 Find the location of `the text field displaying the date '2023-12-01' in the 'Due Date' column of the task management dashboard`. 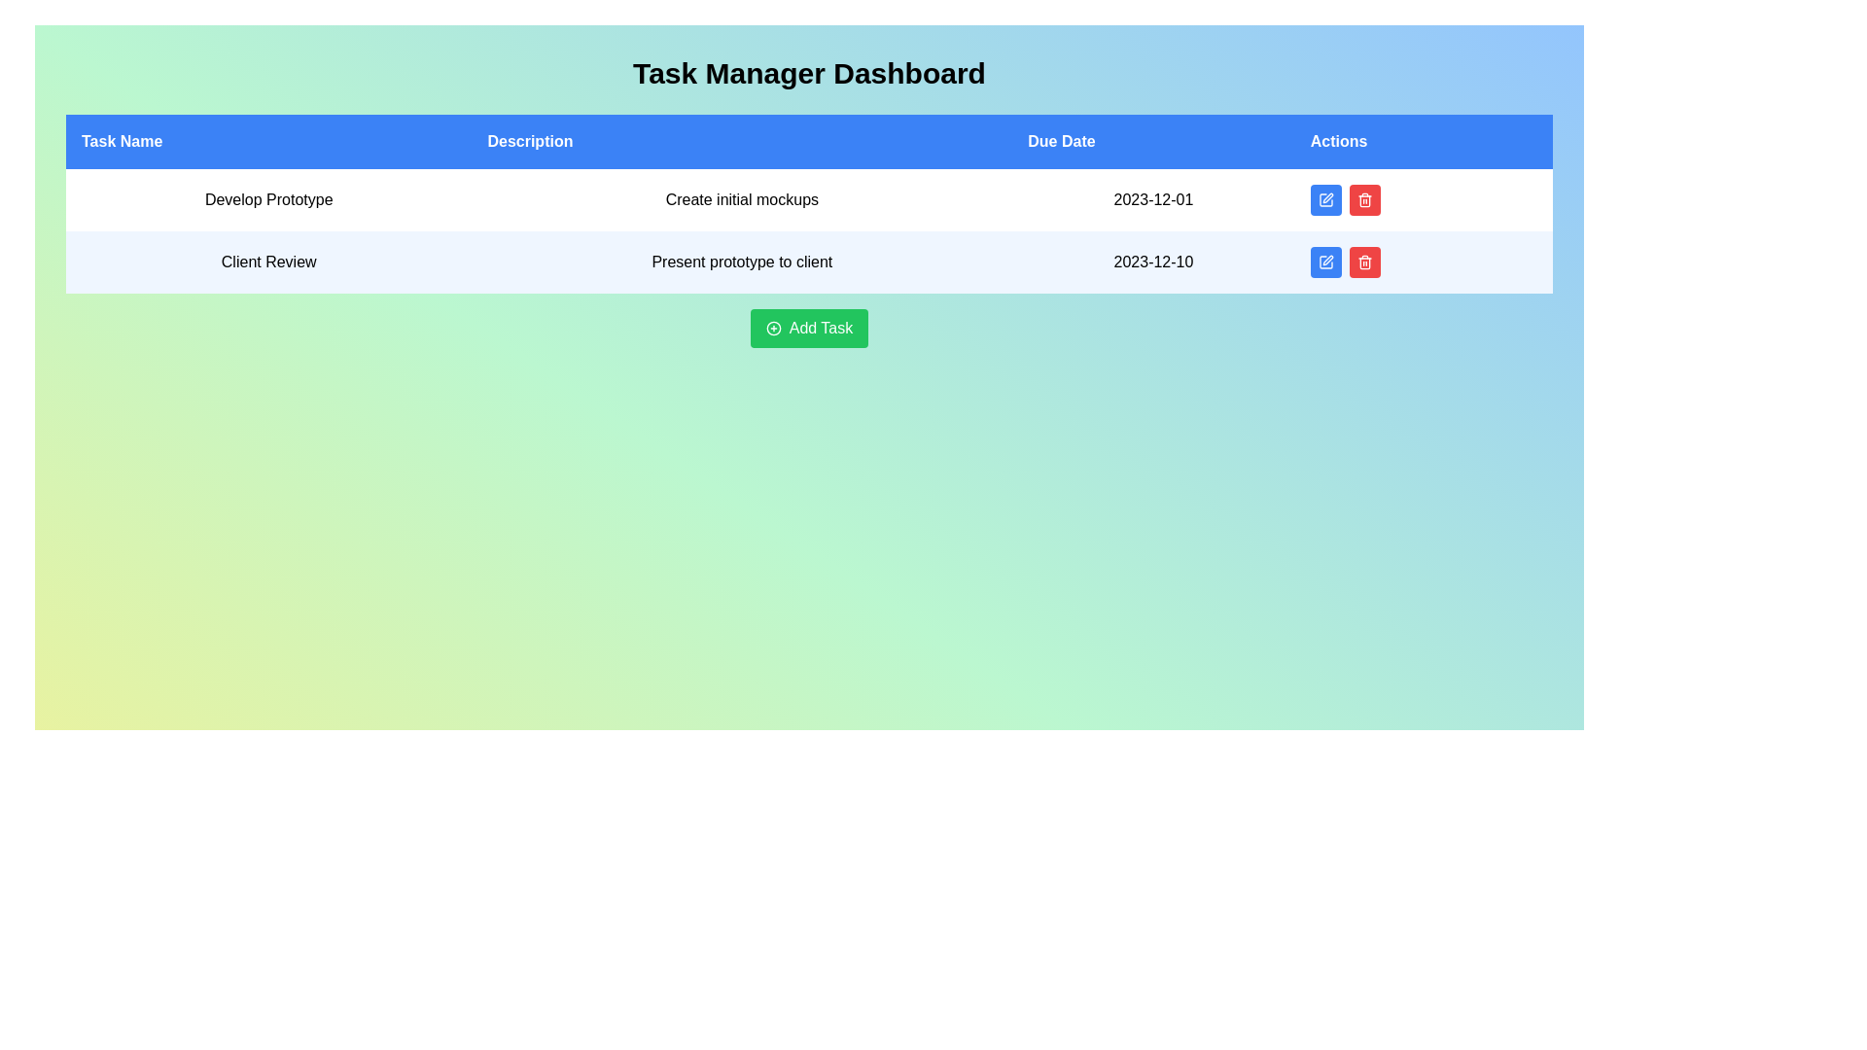

the text field displaying the date '2023-12-01' in the 'Due Date' column of the task management dashboard is located at coordinates (1153, 199).